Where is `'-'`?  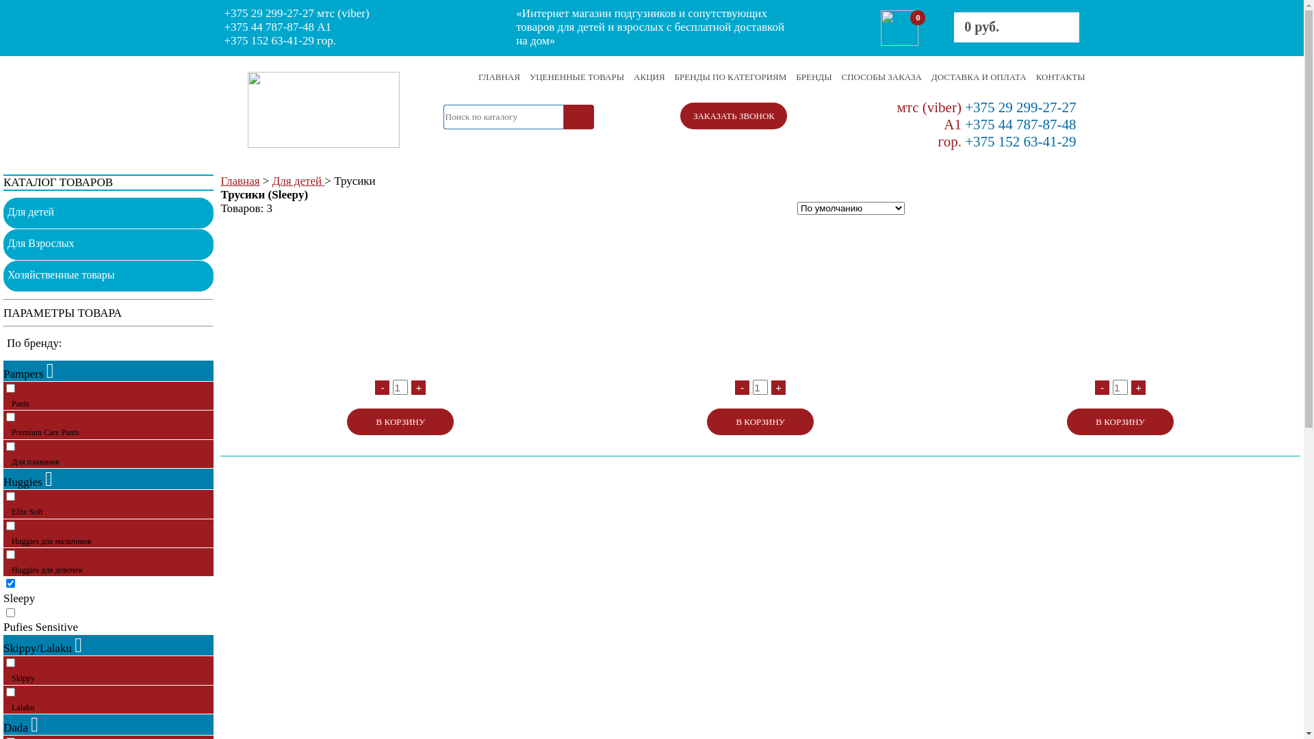
'-' is located at coordinates (741, 387).